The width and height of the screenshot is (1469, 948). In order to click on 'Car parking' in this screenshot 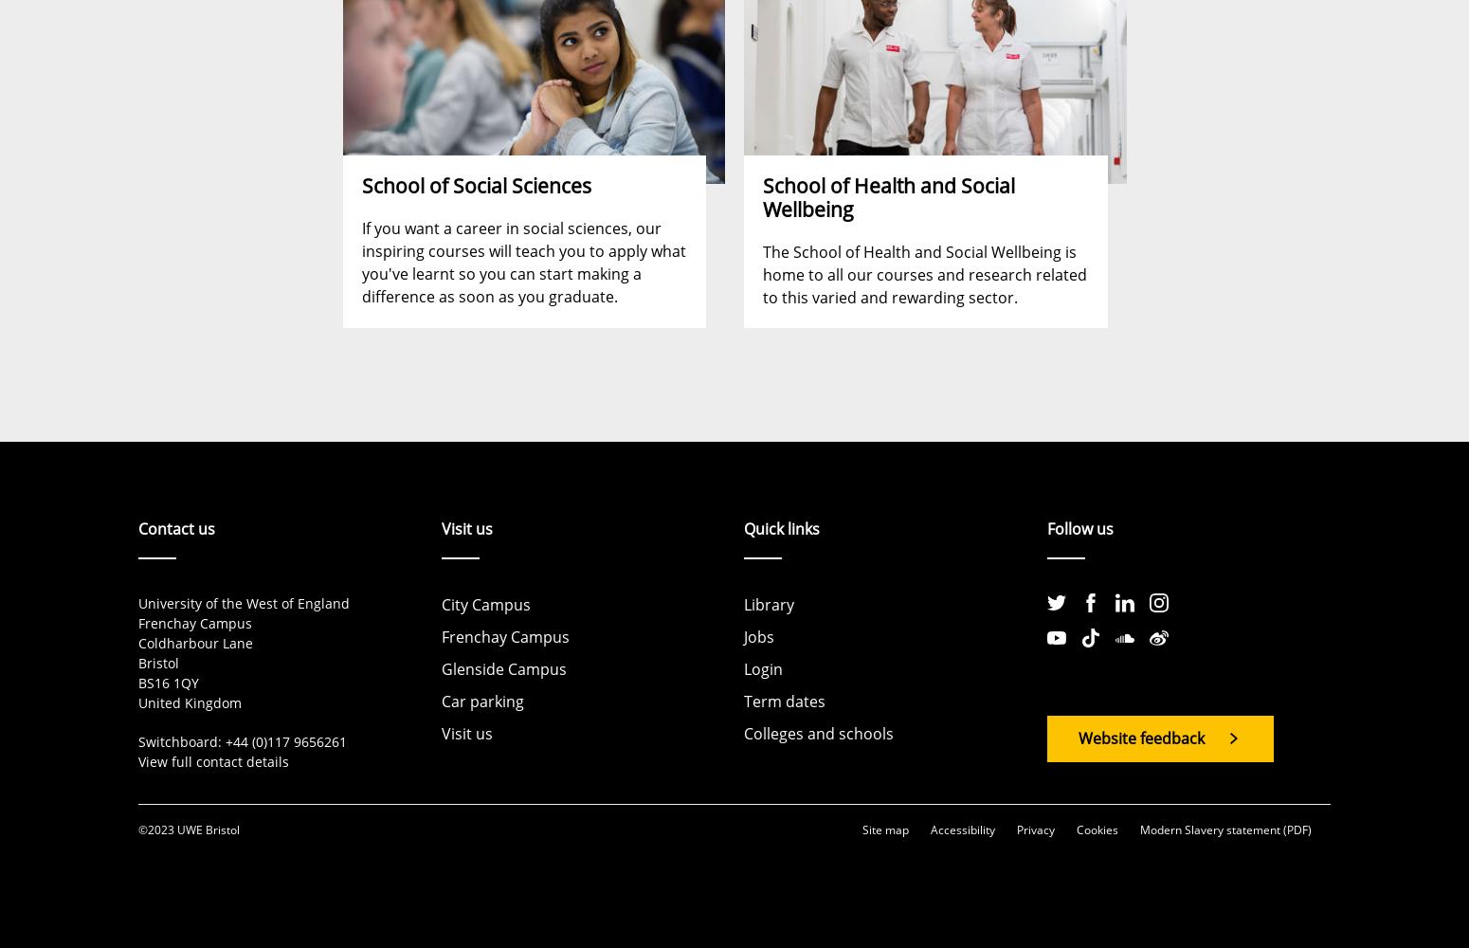, I will do `click(481, 701)`.